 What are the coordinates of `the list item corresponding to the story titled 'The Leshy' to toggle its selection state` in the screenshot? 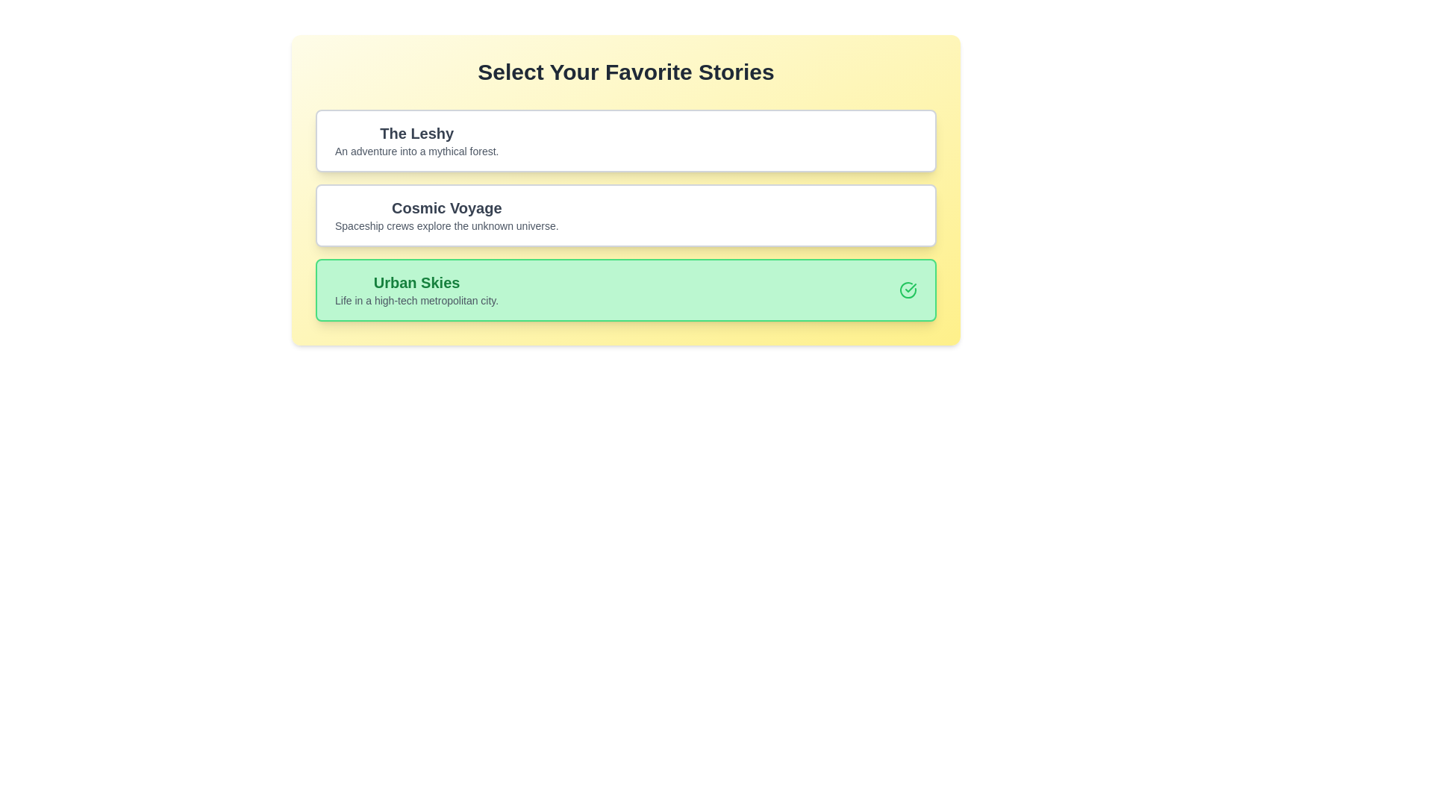 It's located at (626, 141).